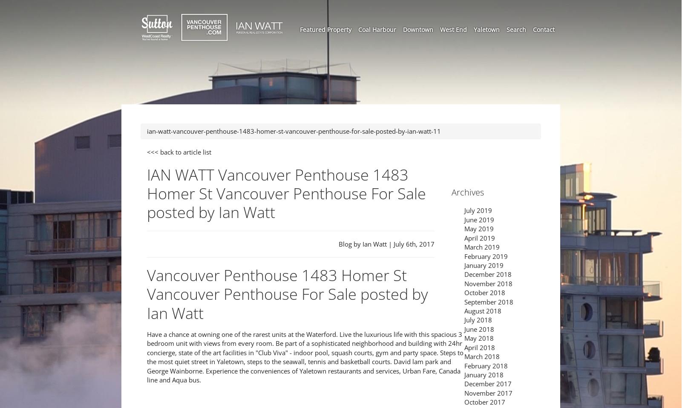 This screenshot has width=688, height=408. I want to click on 'December 2017', so click(488, 383).